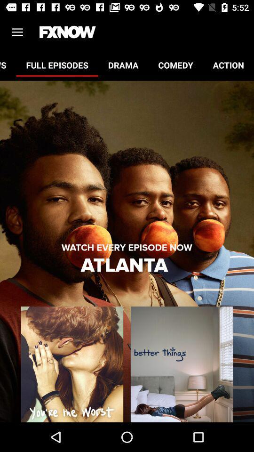 The image size is (254, 452). What do you see at coordinates (57, 65) in the screenshot?
I see `the full episodes  option` at bounding box center [57, 65].